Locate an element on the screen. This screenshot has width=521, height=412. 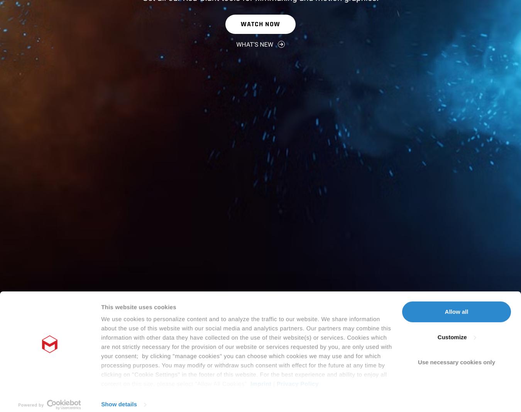
'Watch Now' is located at coordinates (260, 23).